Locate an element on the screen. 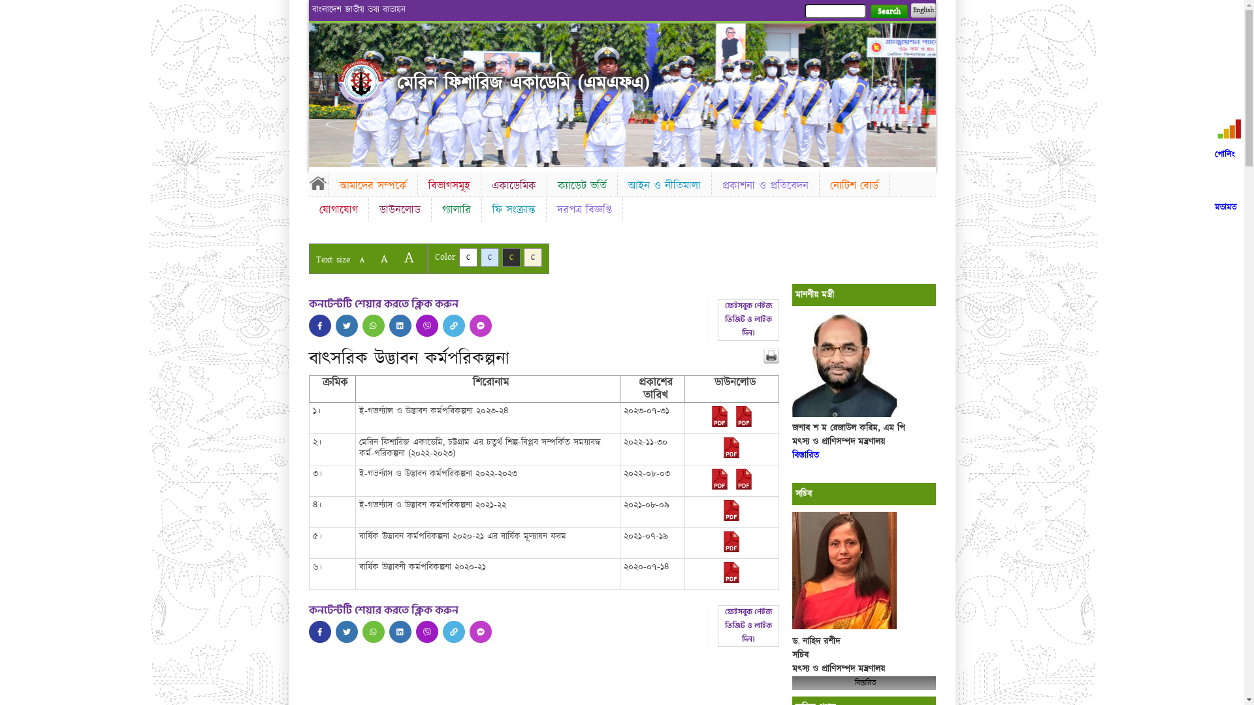 This screenshot has width=1254, height=705. 'C' is located at coordinates (533, 257).